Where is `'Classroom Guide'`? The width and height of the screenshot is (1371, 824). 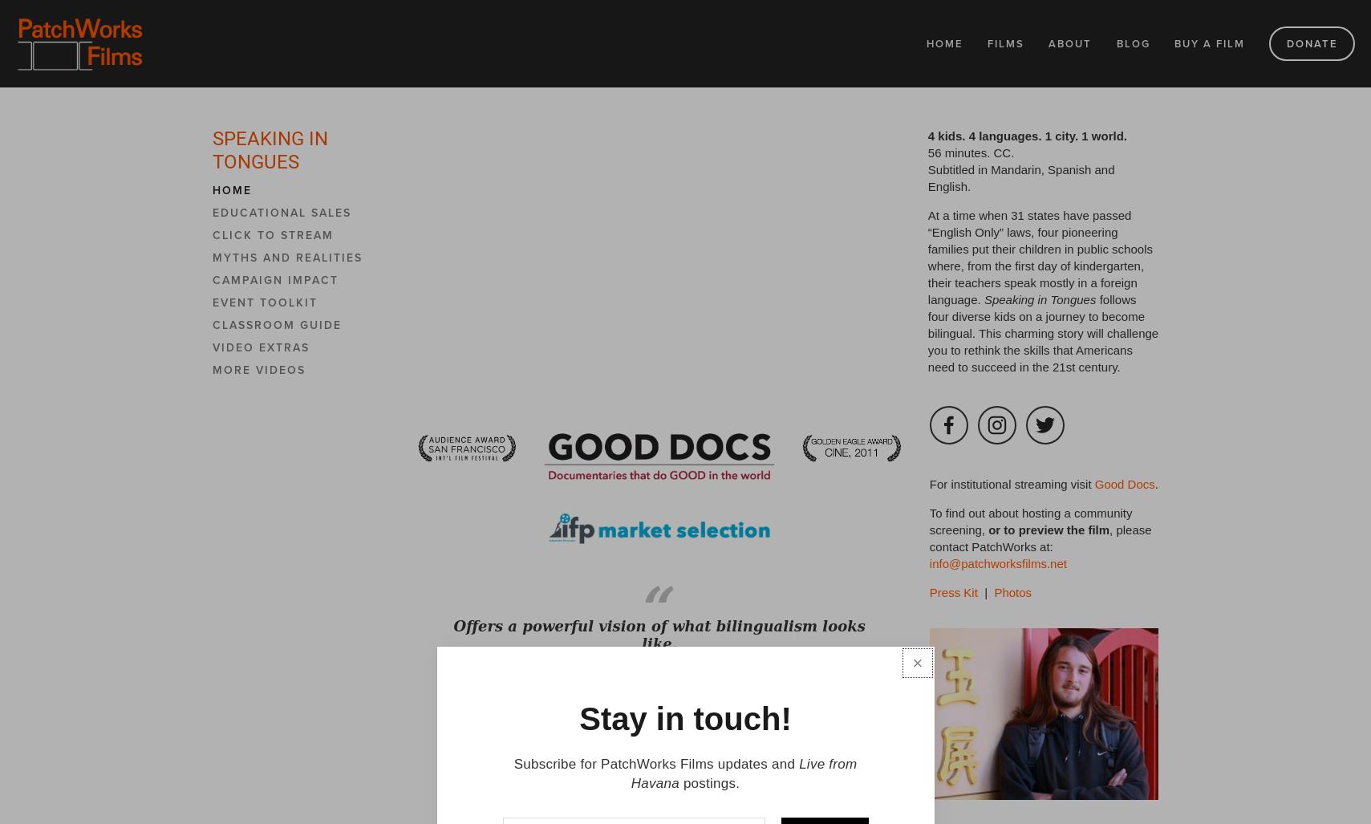 'Classroom Guide' is located at coordinates (275, 323).